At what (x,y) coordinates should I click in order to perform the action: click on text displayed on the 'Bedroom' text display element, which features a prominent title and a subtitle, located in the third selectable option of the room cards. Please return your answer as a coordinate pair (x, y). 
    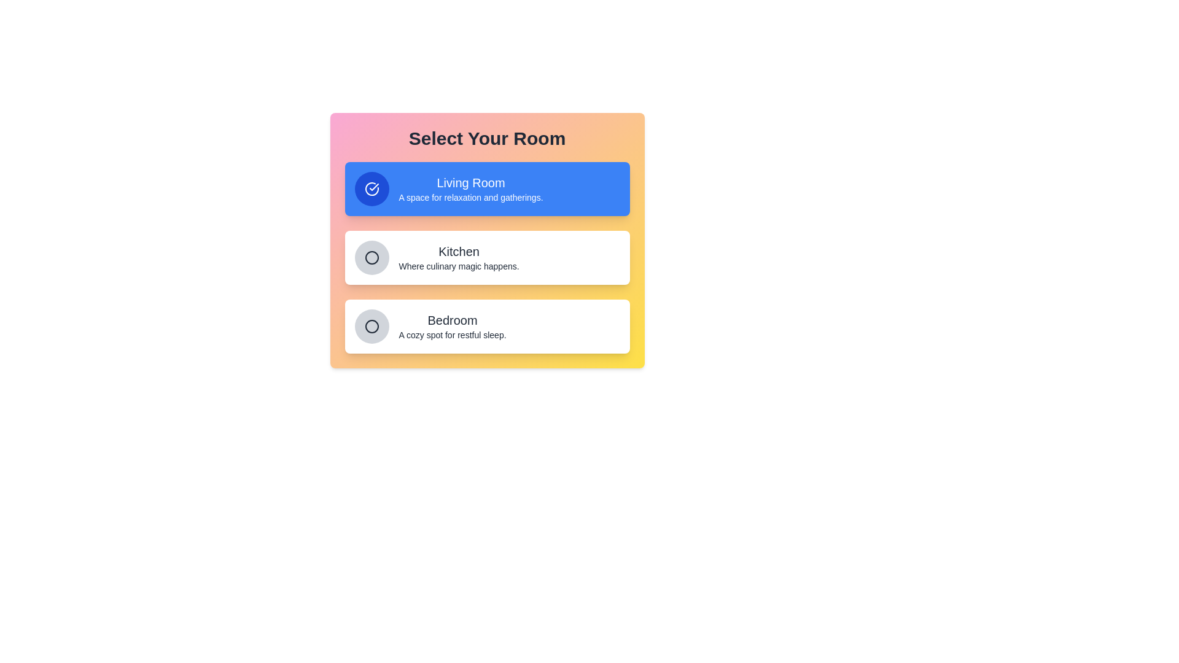
    Looking at the image, I should click on (452, 326).